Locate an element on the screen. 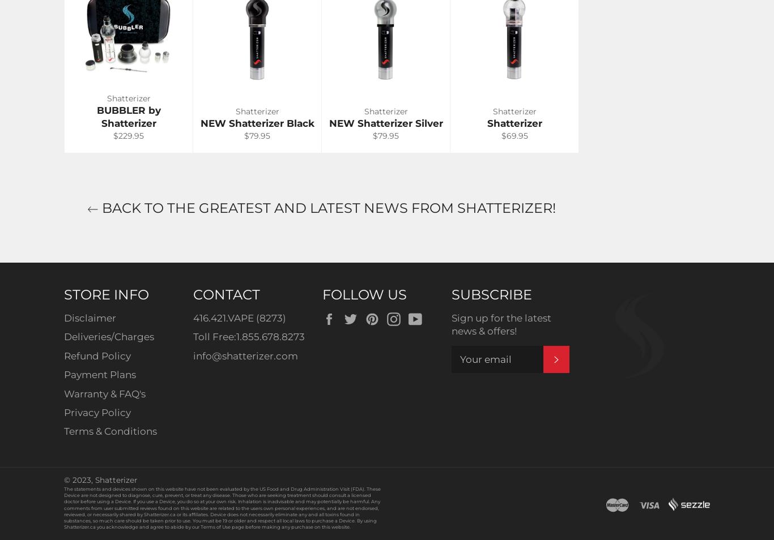  'Warranty & FAQ's' is located at coordinates (104, 392).